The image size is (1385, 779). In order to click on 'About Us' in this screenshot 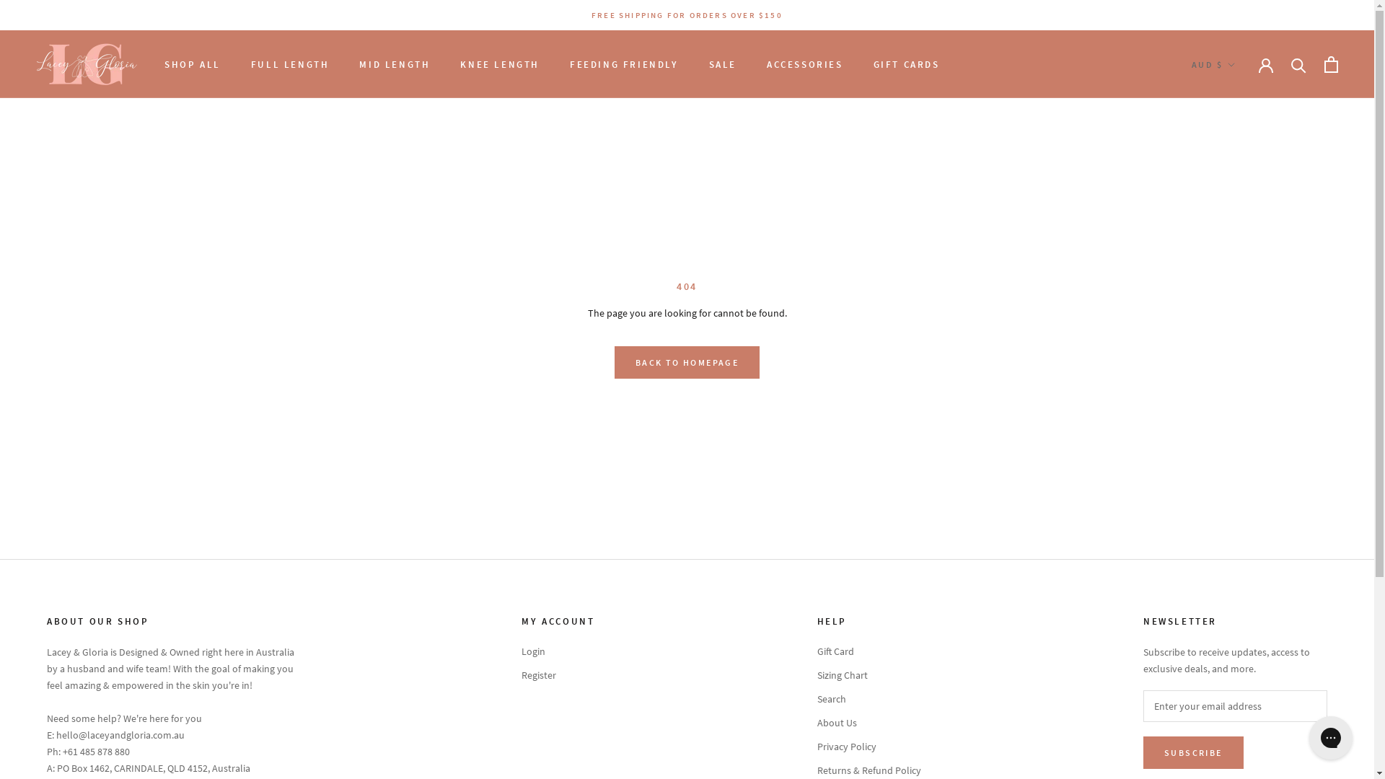, I will do `click(817, 723)`.